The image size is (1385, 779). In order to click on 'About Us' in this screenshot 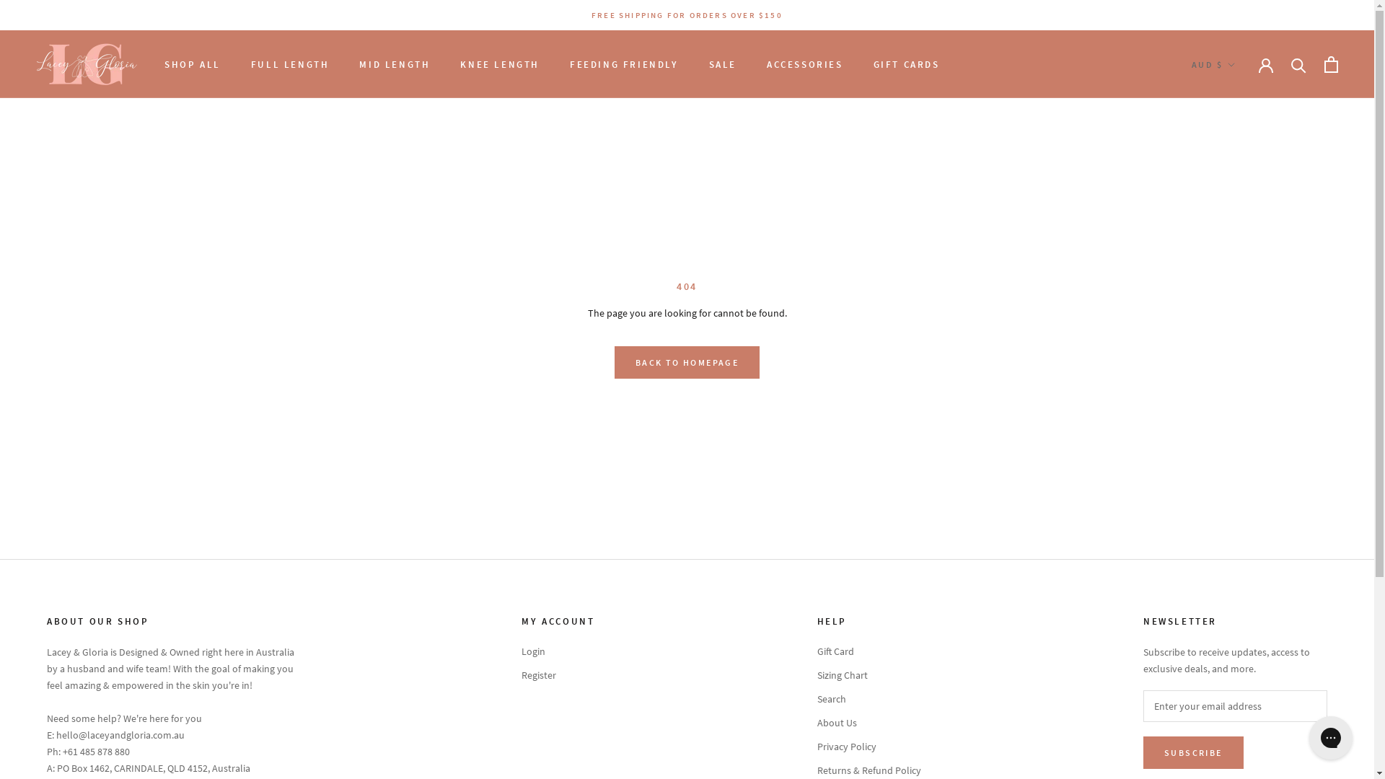, I will do `click(817, 723)`.